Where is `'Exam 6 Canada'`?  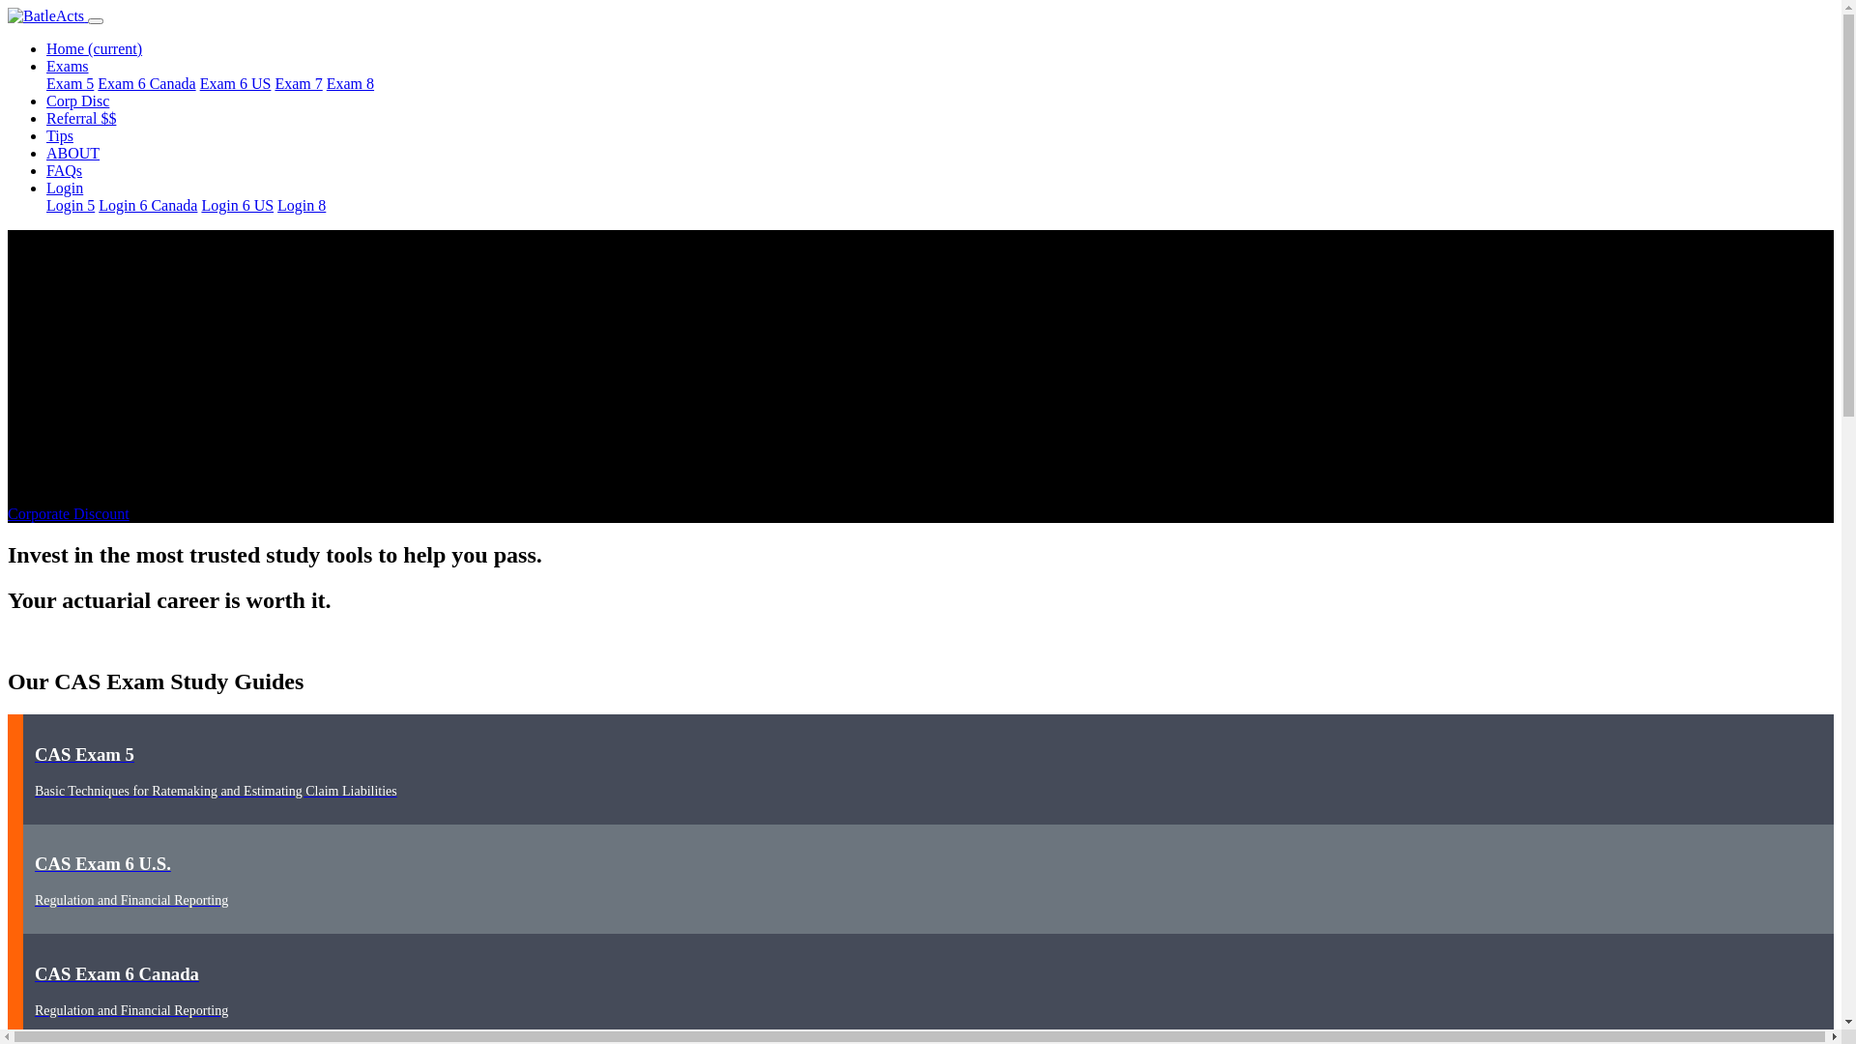 'Exam 6 Canada' is located at coordinates (145, 82).